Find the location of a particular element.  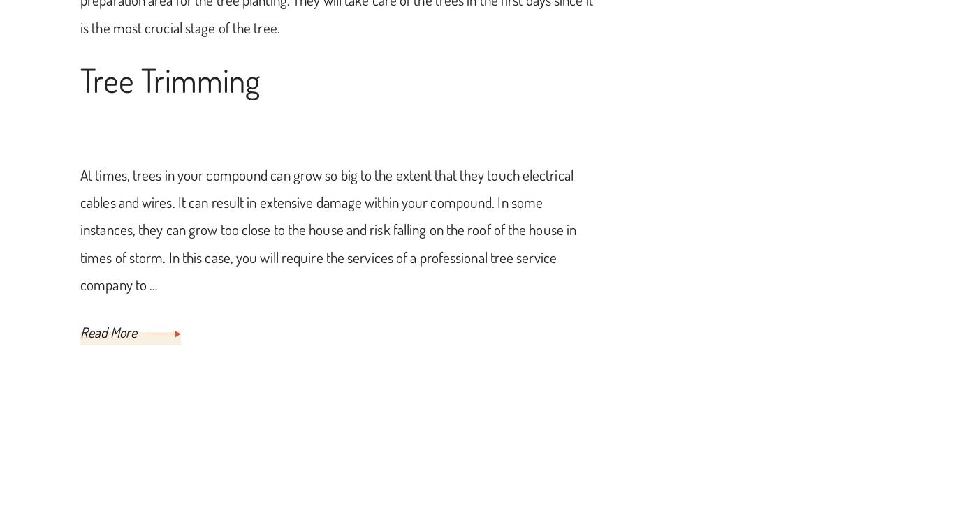

'Tree Trimming' is located at coordinates (170, 79).